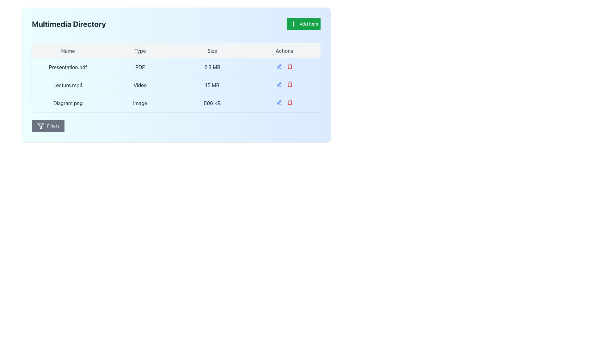 Image resolution: width=607 pixels, height=341 pixels. What do you see at coordinates (176, 85) in the screenshot?
I see `the second row of the table containing 'Lecture.mp4', 'Video', '15 MB', and action icons` at bounding box center [176, 85].